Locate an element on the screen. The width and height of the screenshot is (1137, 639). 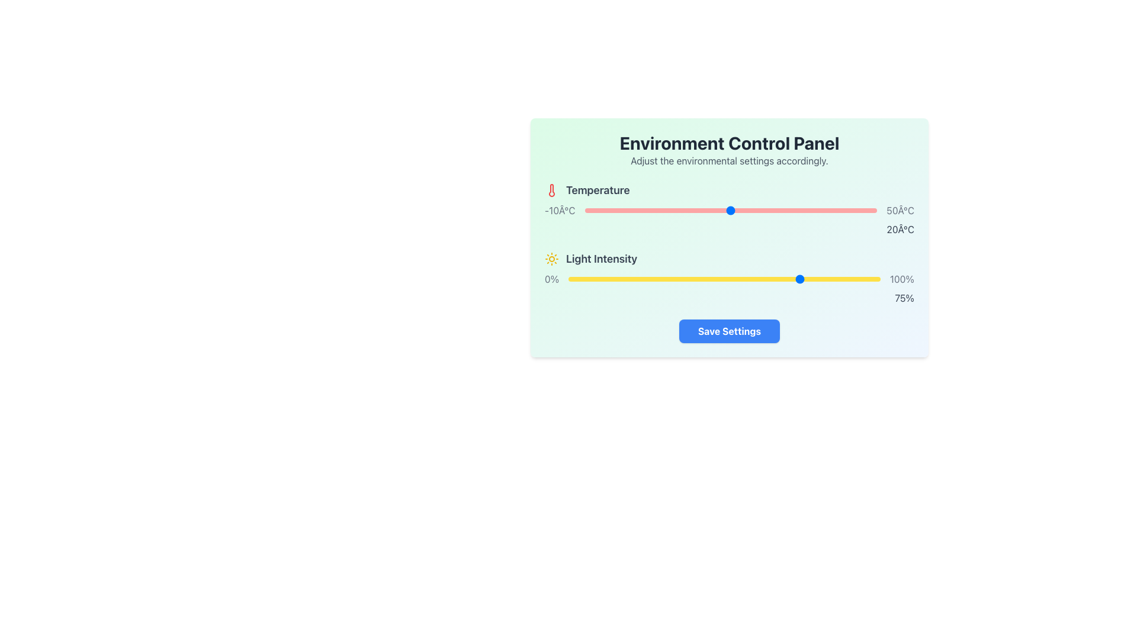
light intensity is located at coordinates (811, 279).